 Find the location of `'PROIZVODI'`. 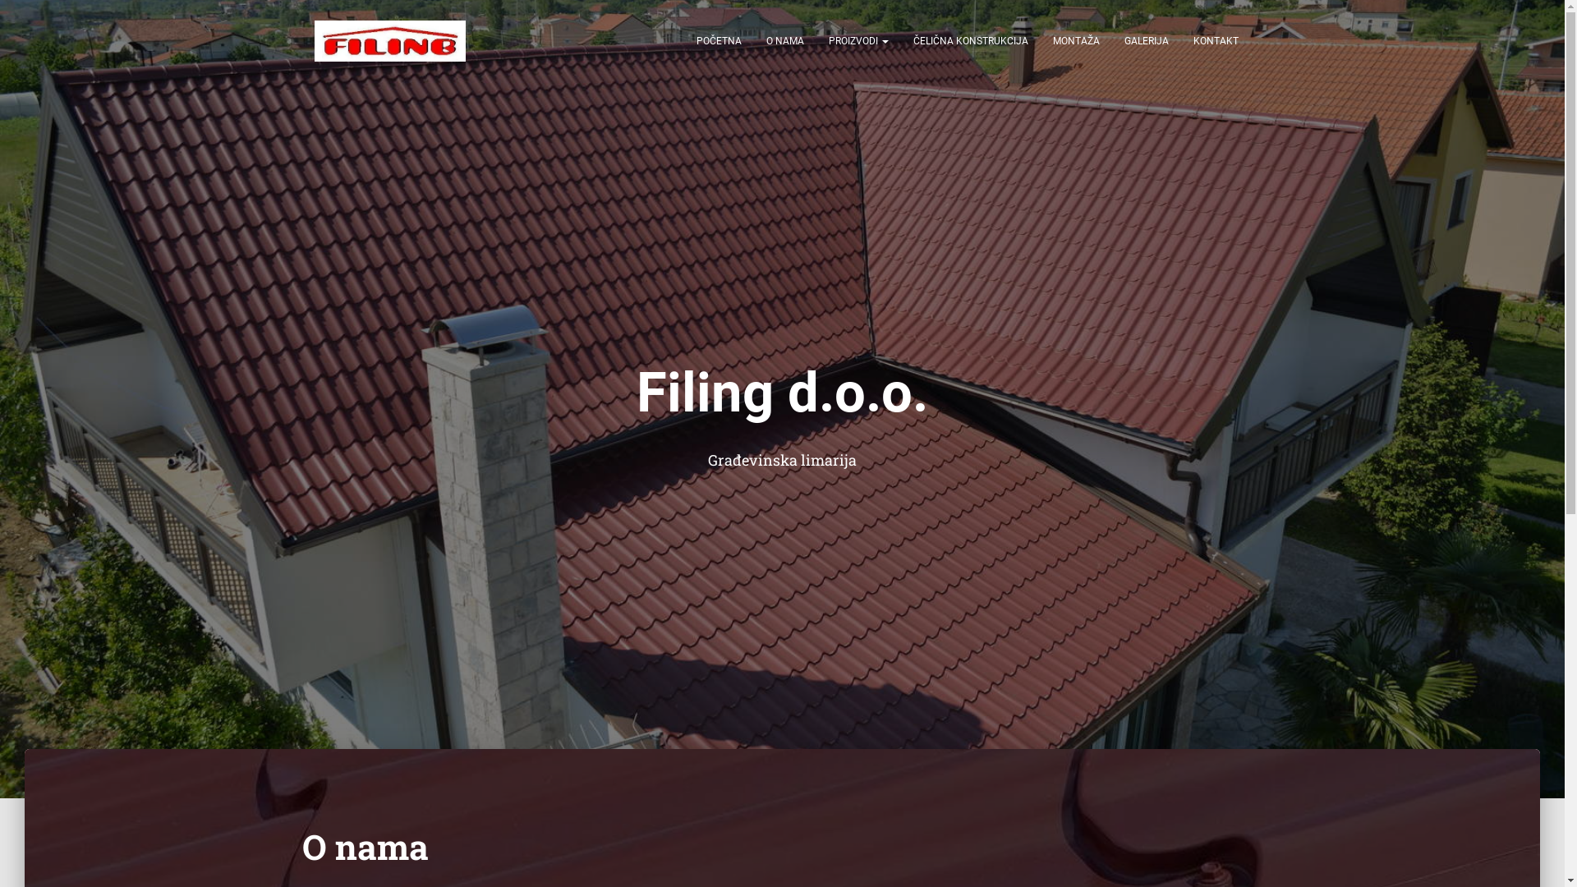

'PROIZVODI' is located at coordinates (857, 40).